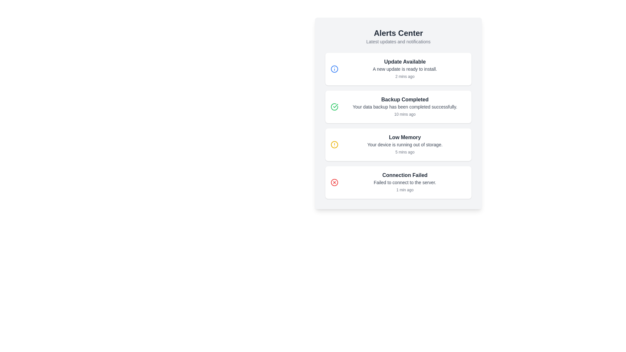 The image size is (626, 352). What do you see at coordinates (398, 41) in the screenshot?
I see `the text label displaying 'Latest updates and notifications' located below the 'Alerts Center' heading` at bounding box center [398, 41].